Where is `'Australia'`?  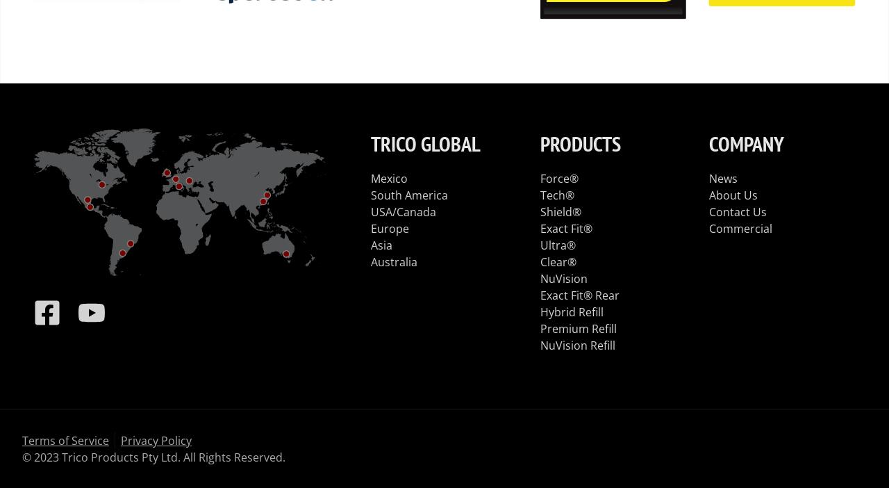 'Australia' is located at coordinates (393, 260).